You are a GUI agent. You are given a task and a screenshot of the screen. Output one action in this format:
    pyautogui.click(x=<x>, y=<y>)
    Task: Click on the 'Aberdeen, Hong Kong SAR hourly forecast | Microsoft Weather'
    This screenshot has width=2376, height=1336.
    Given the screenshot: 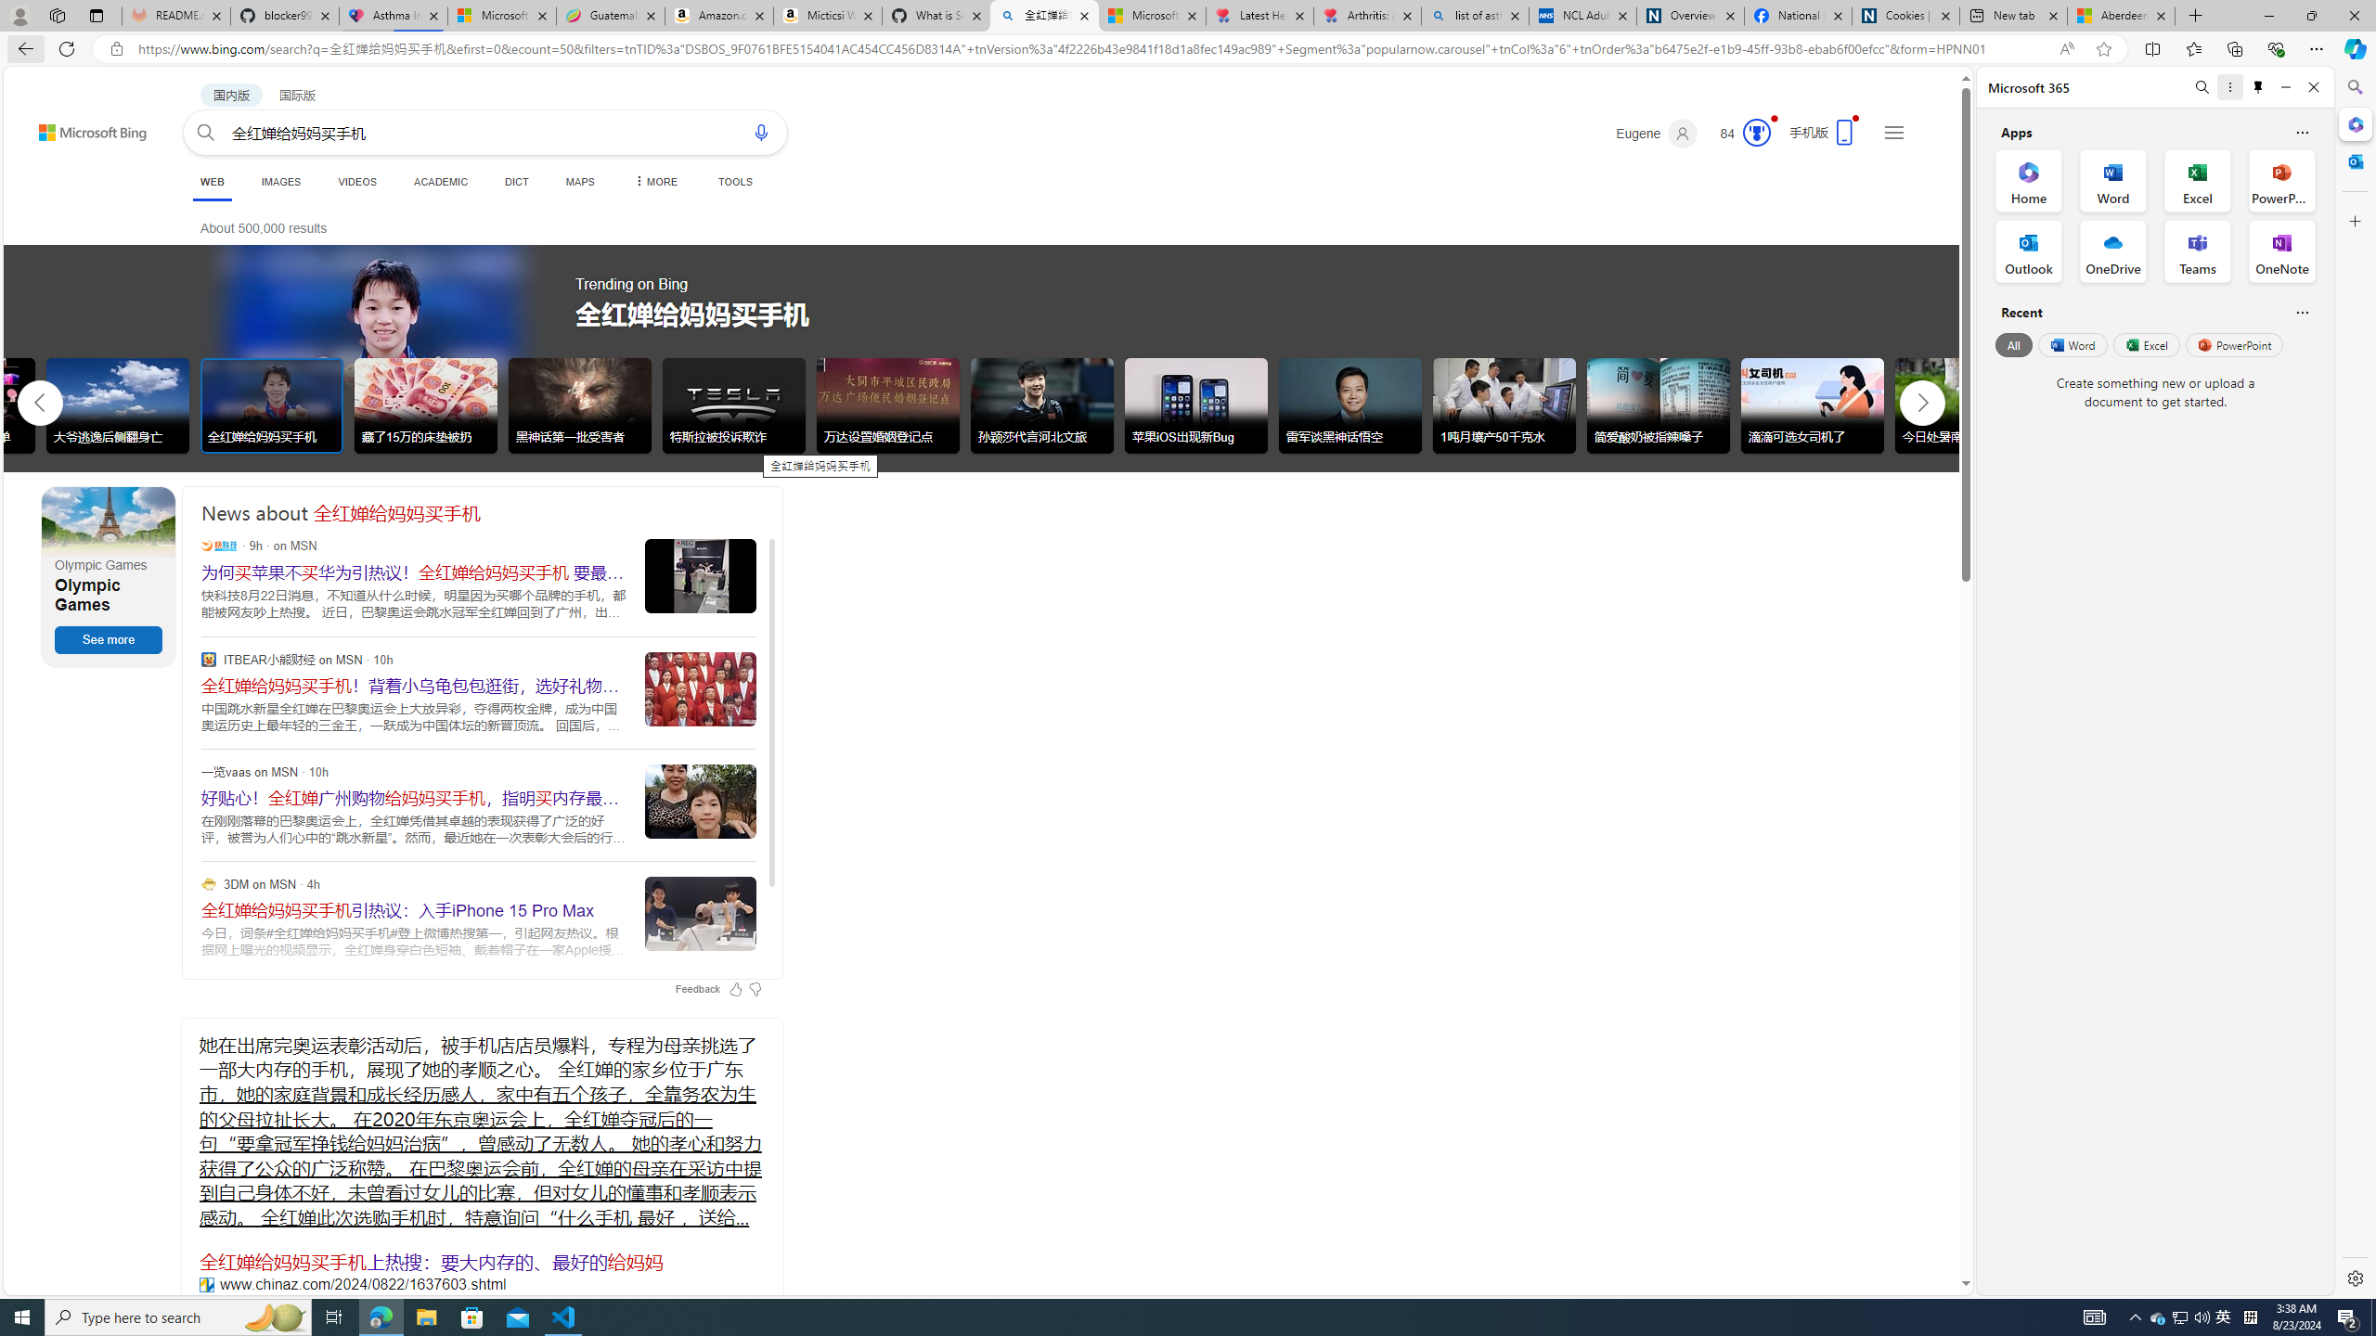 What is the action you would take?
    pyautogui.click(x=2122, y=15)
    